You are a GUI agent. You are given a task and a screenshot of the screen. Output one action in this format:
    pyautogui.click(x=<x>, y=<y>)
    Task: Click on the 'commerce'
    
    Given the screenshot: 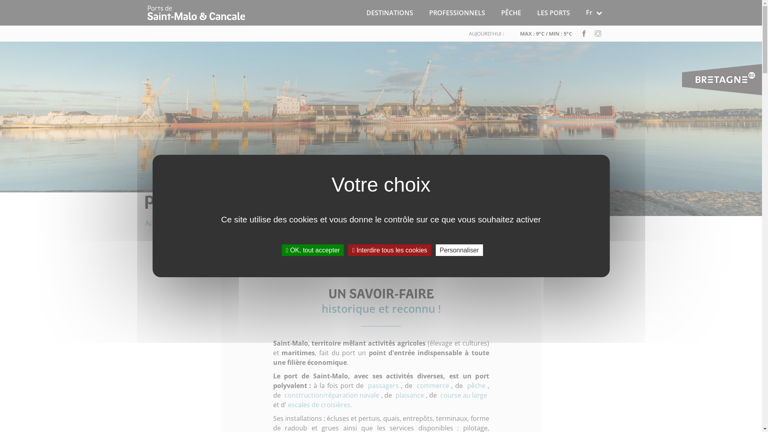 What is the action you would take?
    pyautogui.click(x=432, y=385)
    